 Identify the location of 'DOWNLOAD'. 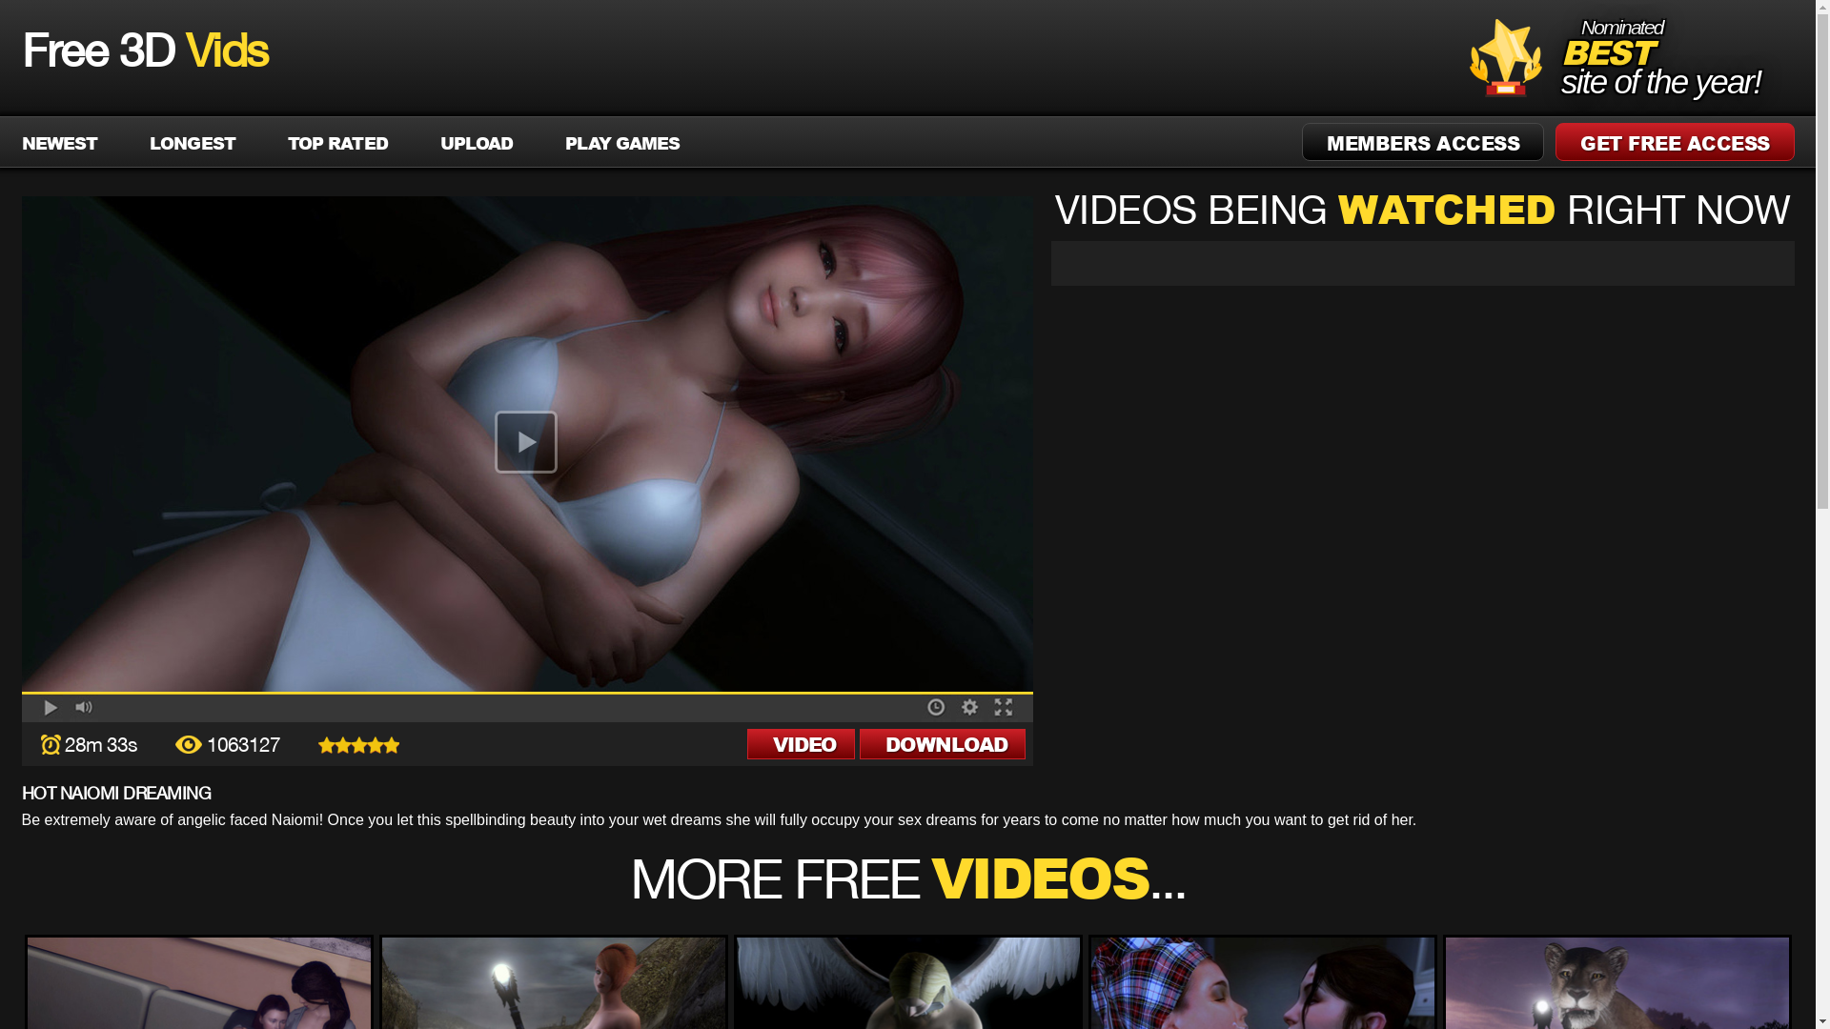
(942, 742).